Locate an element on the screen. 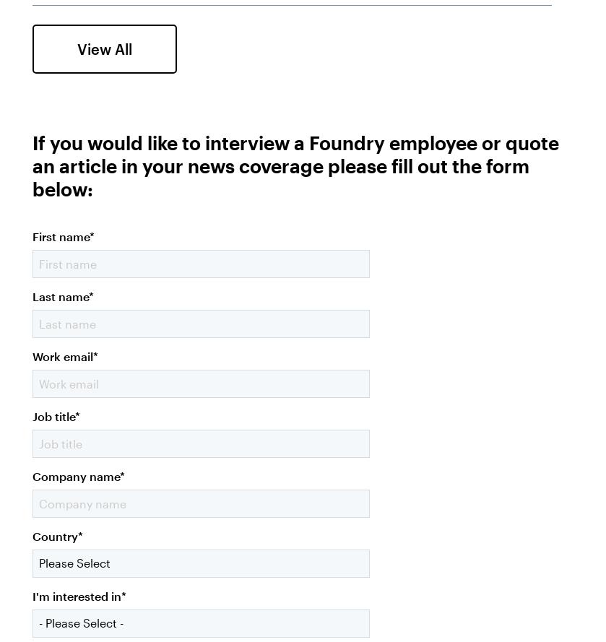 Image resolution: width=606 pixels, height=642 pixels. 'Company name' is located at coordinates (32, 475).